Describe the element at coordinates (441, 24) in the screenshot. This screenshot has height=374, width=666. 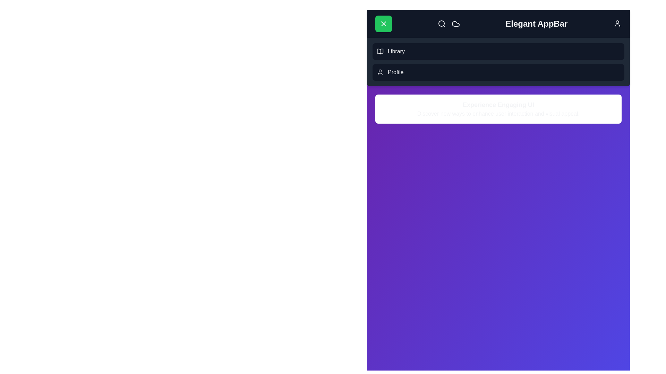
I see `the search icon to initiate a search action` at that location.